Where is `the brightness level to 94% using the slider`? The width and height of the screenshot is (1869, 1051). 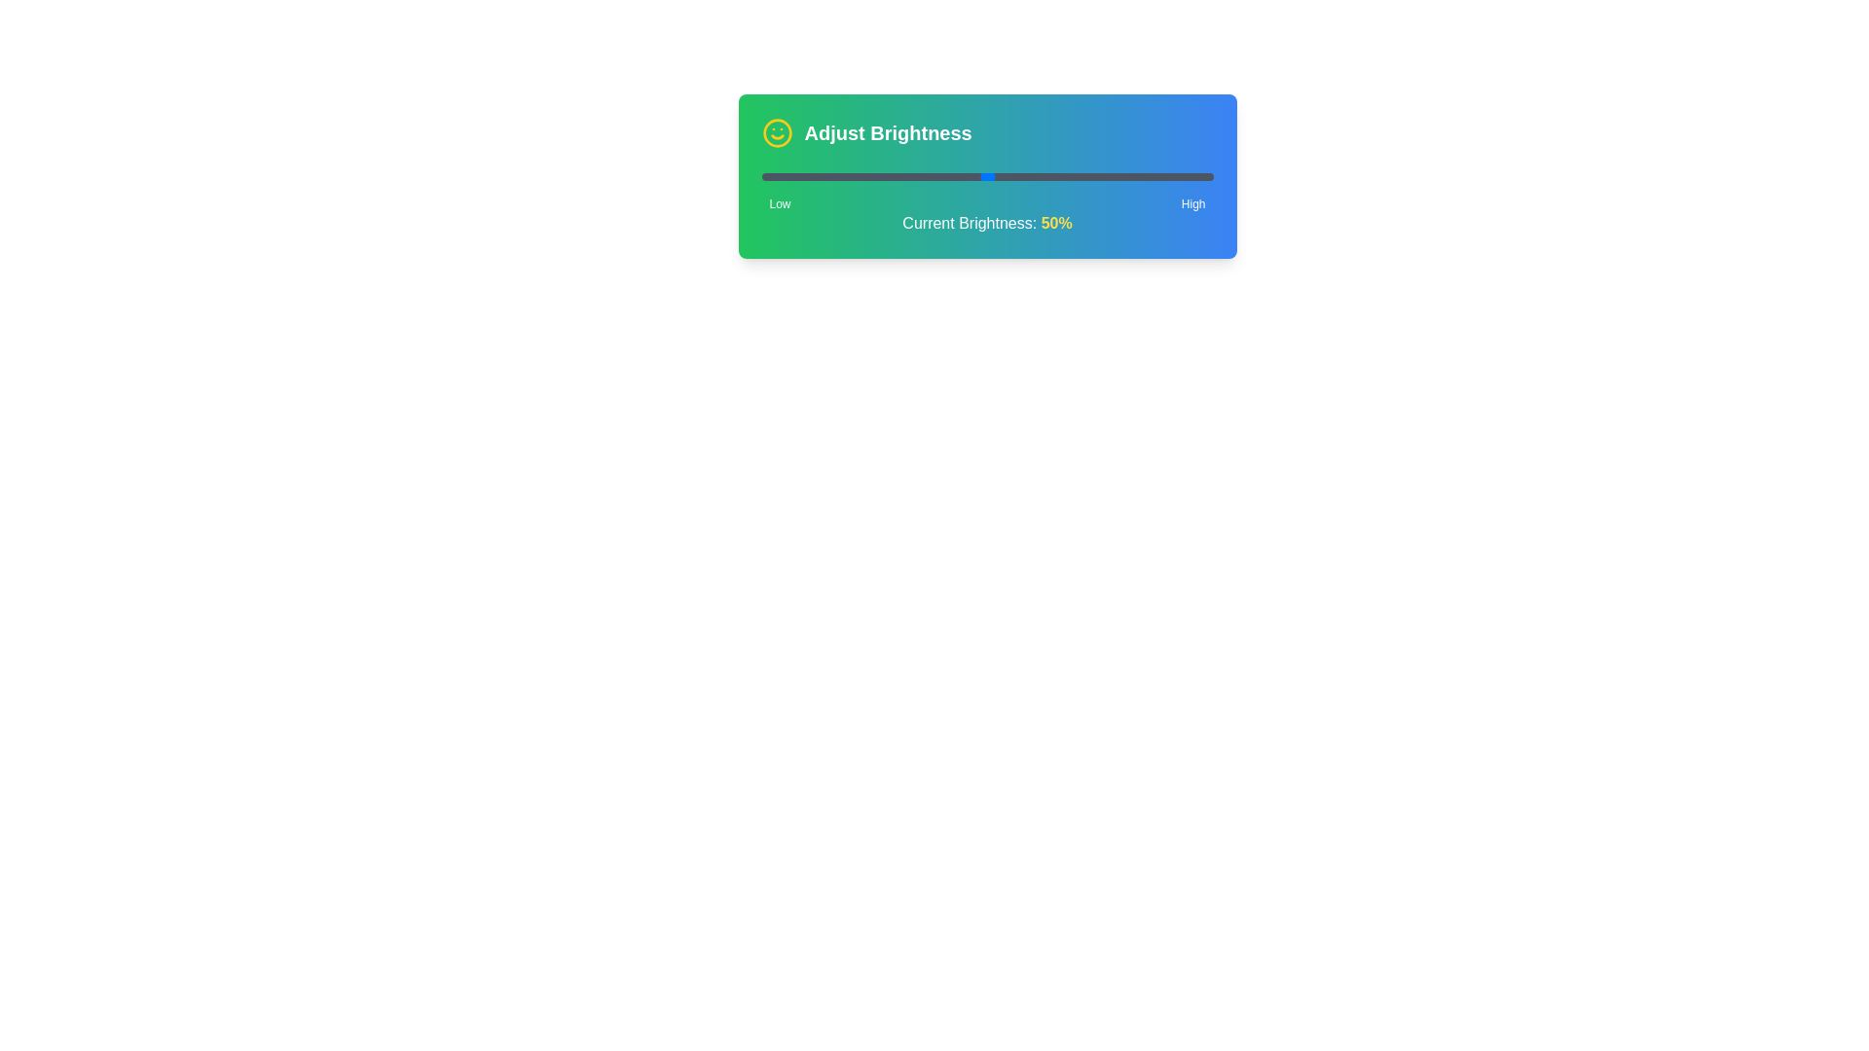 the brightness level to 94% using the slider is located at coordinates (1185, 176).